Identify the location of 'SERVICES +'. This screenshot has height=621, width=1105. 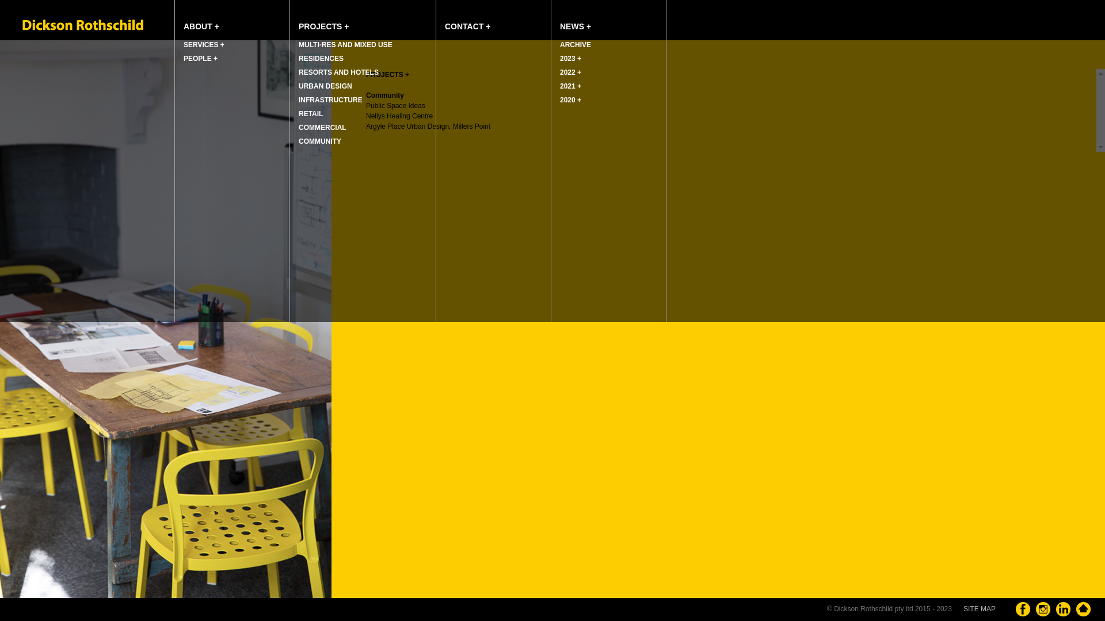
(231, 44).